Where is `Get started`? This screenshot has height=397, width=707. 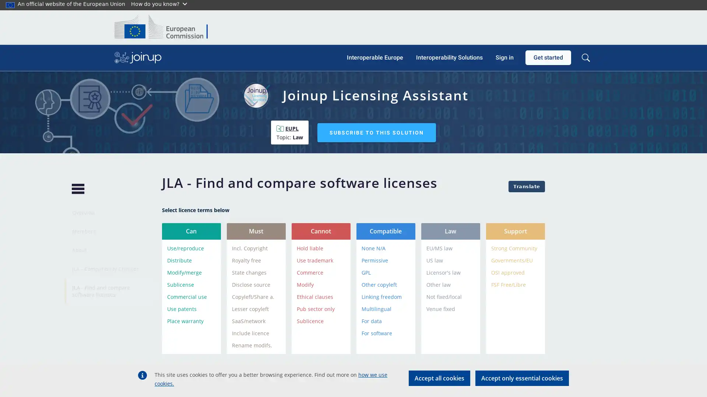 Get started is located at coordinates (548, 57).